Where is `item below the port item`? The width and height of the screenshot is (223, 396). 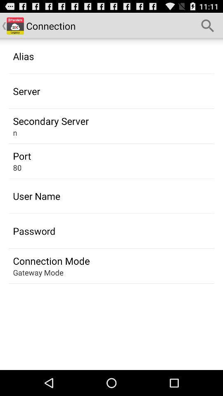 item below the port item is located at coordinates (17, 167).